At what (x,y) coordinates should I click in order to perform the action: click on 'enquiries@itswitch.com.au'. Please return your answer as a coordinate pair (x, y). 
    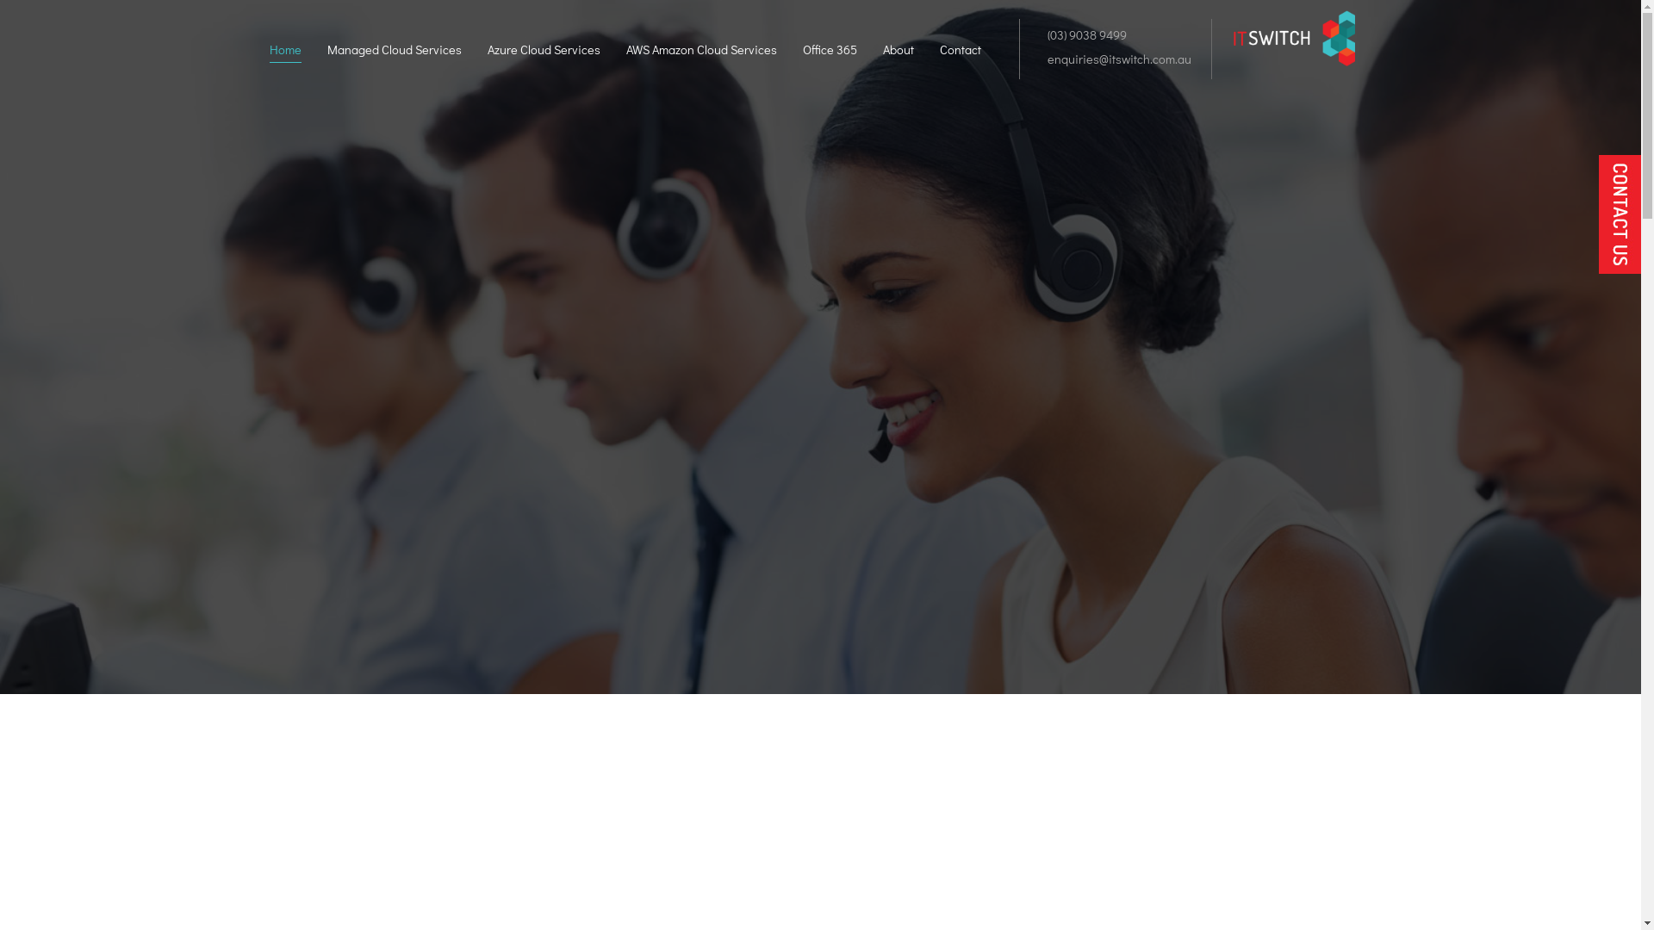
    Looking at the image, I should click on (1116, 58).